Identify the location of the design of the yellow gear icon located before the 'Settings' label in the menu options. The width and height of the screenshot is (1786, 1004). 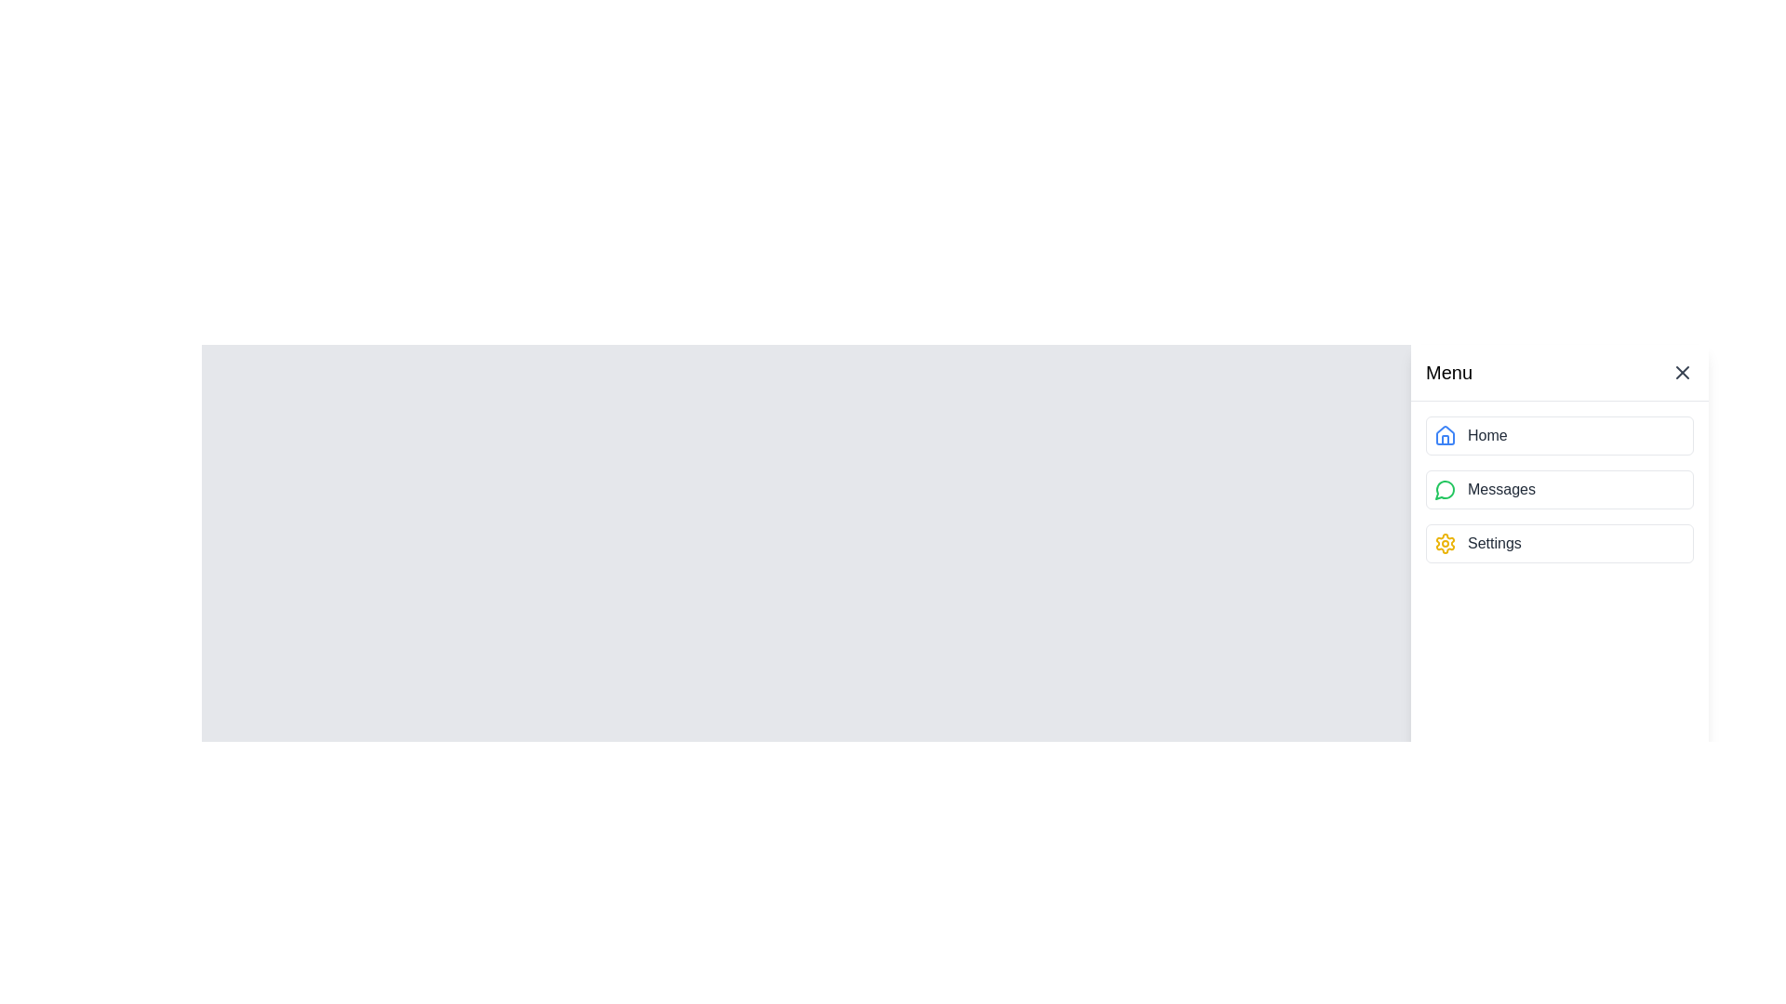
(1445, 544).